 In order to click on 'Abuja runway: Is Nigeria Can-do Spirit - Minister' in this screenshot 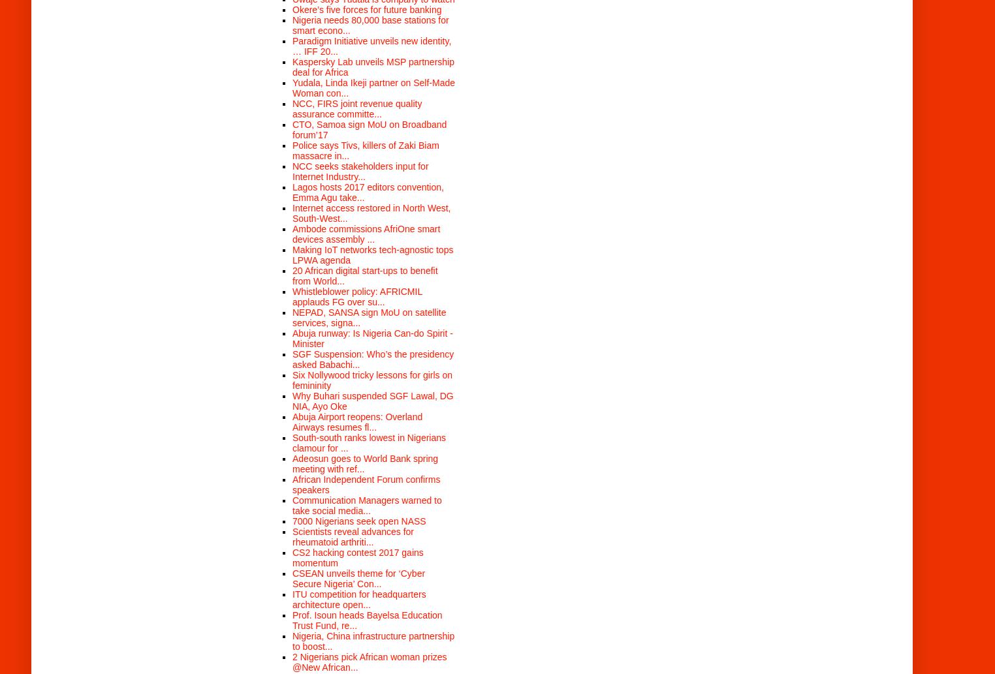, I will do `click(292, 337)`.